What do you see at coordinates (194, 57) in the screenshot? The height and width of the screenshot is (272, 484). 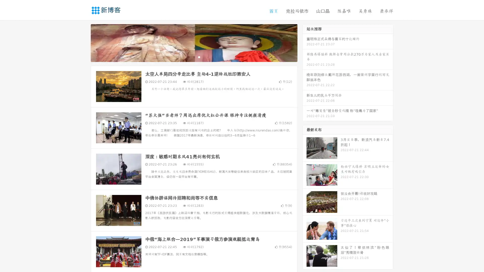 I see `Go to slide 2` at bounding box center [194, 57].